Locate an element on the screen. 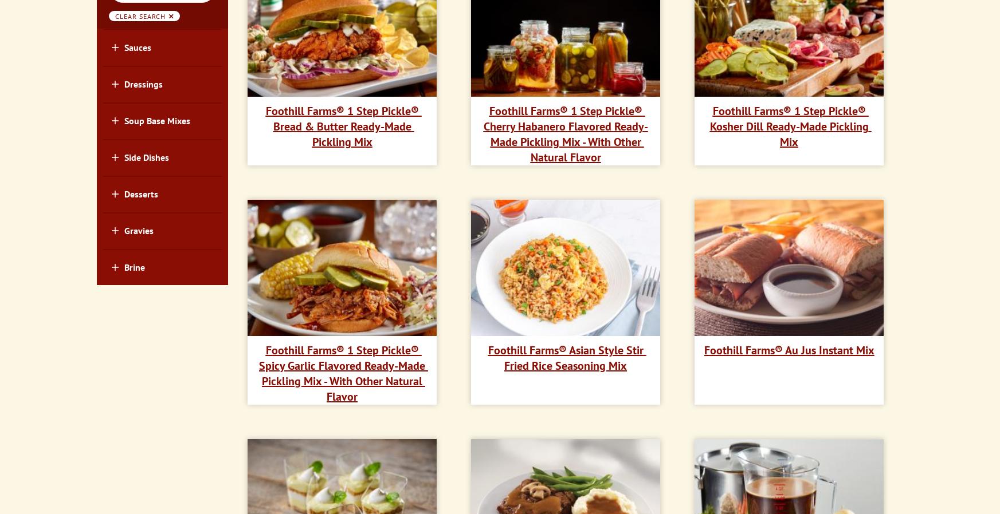  'Sauces' is located at coordinates (136, 46).